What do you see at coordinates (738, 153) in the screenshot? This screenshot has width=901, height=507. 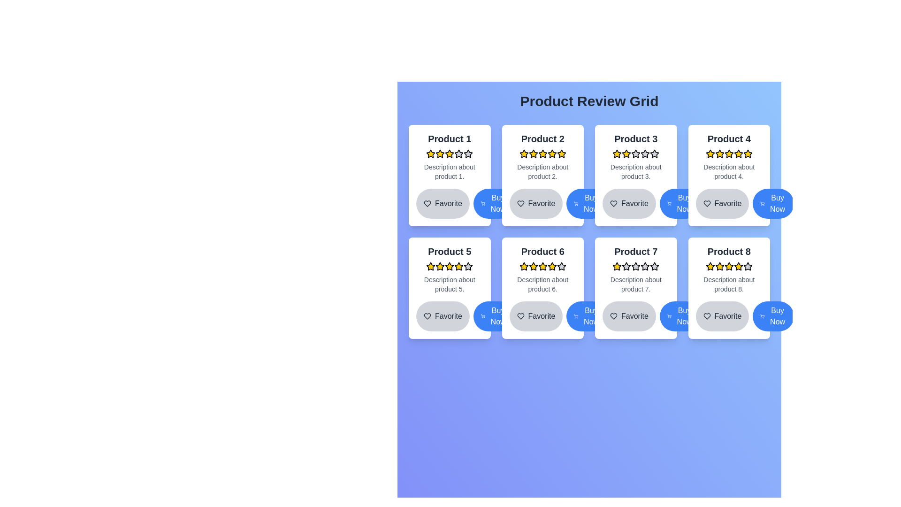 I see `the fifth star in the five-star rating system within the 'Product 4' card in the 'Product Review Grid'` at bounding box center [738, 153].